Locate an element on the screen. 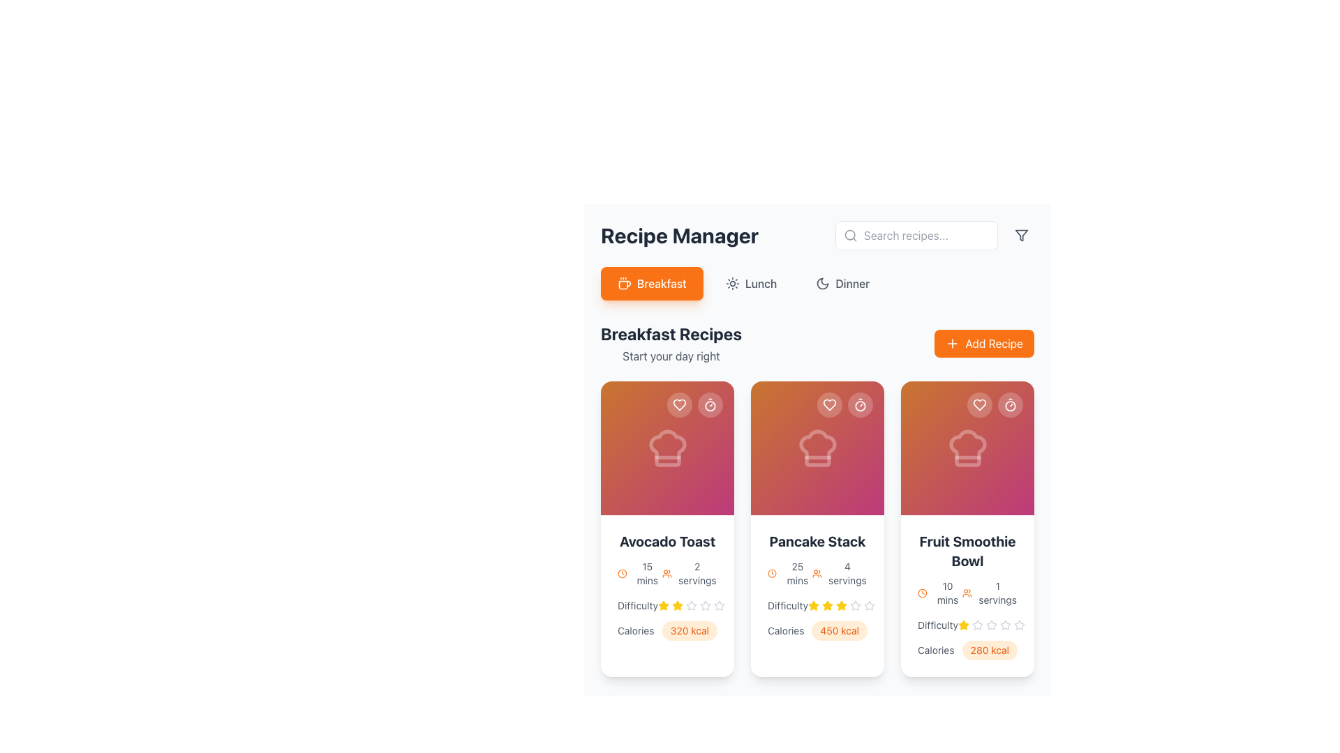 Image resolution: width=1340 pixels, height=753 pixels. the text label that displays the number of servings for the recipe, located in the second card of the grid layout, positioned to the right of the user icon and above the difficulty rating and calorie information is located at coordinates (847, 573).